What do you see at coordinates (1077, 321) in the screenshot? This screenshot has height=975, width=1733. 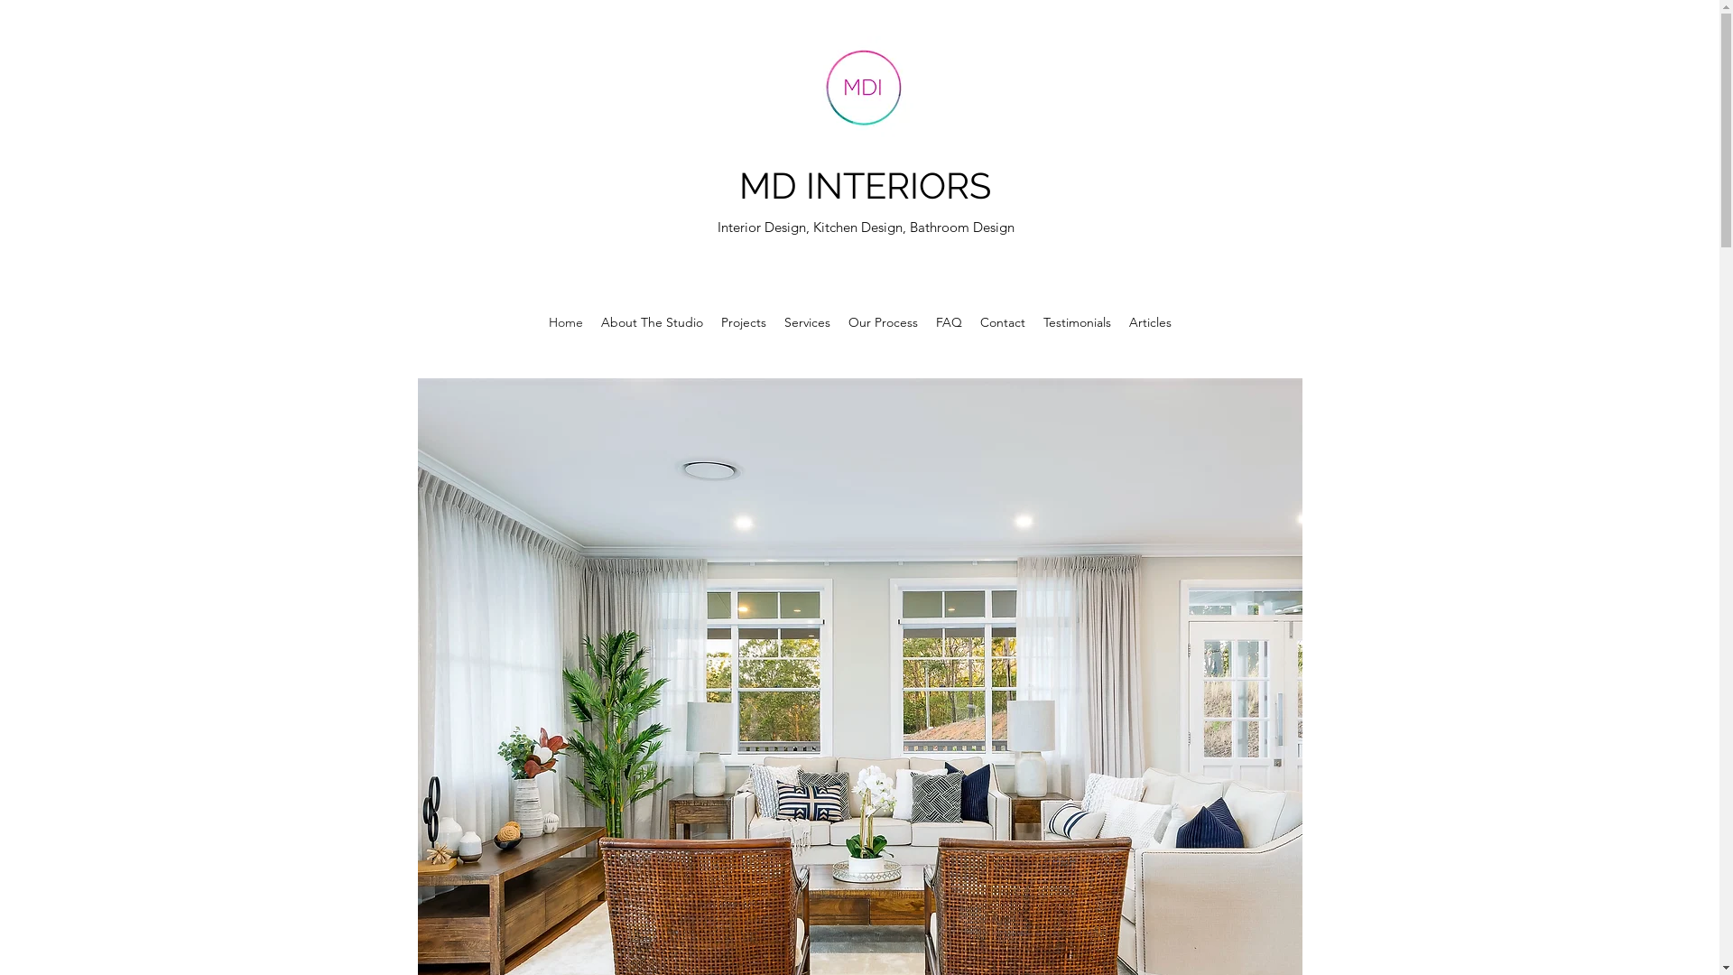 I see `'Testimonials'` at bounding box center [1077, 321].